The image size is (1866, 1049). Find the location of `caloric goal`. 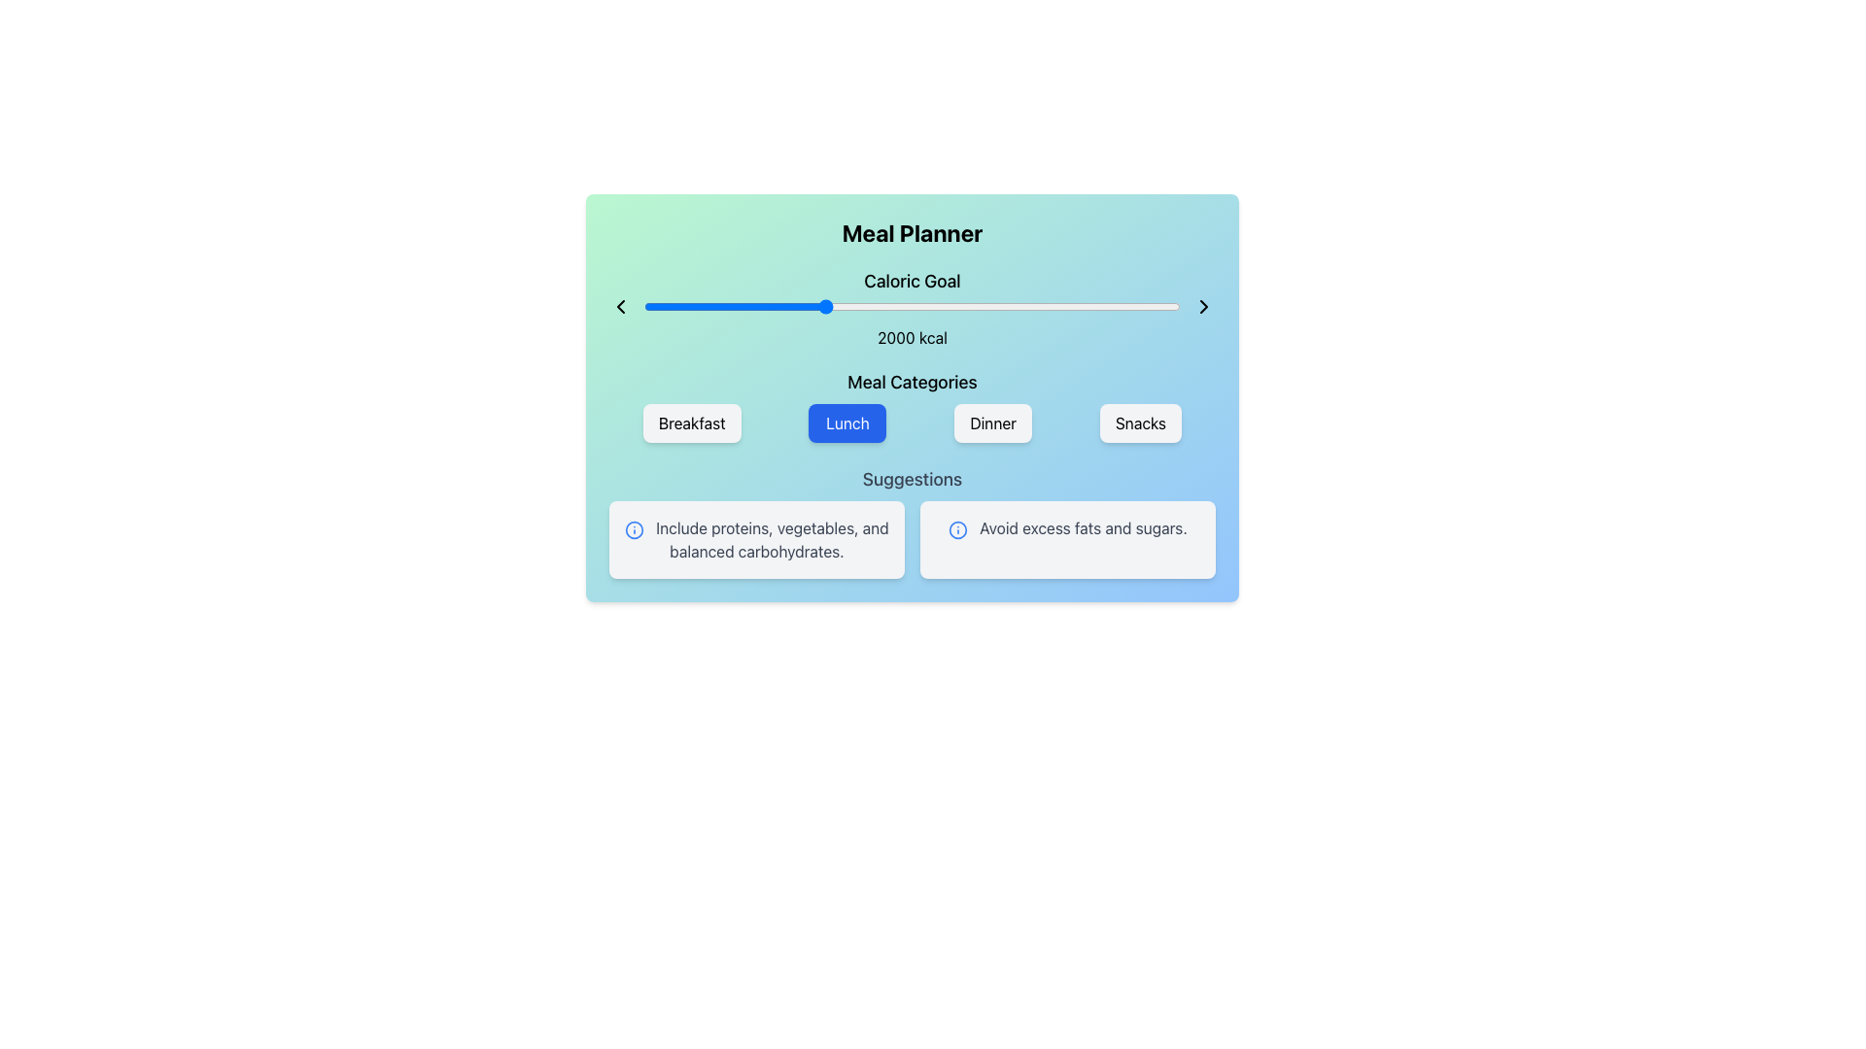

caloric goal is located at coordinates (924, 306).